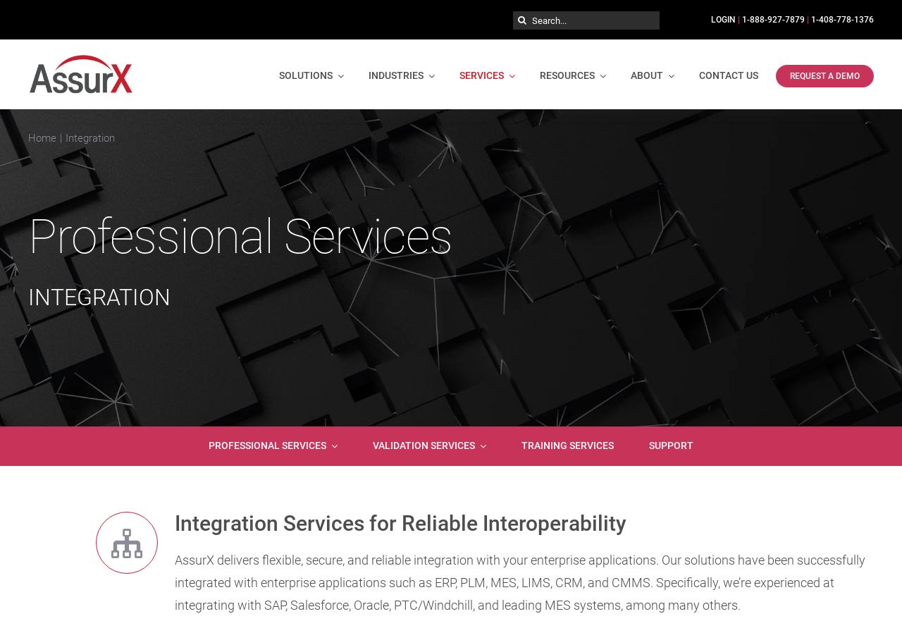 Image resolution: width=902 pixels, height=633 pixels. Describe the element at coordinates (435, 154) in the screenshot. I see `'eMDR'` at that location.